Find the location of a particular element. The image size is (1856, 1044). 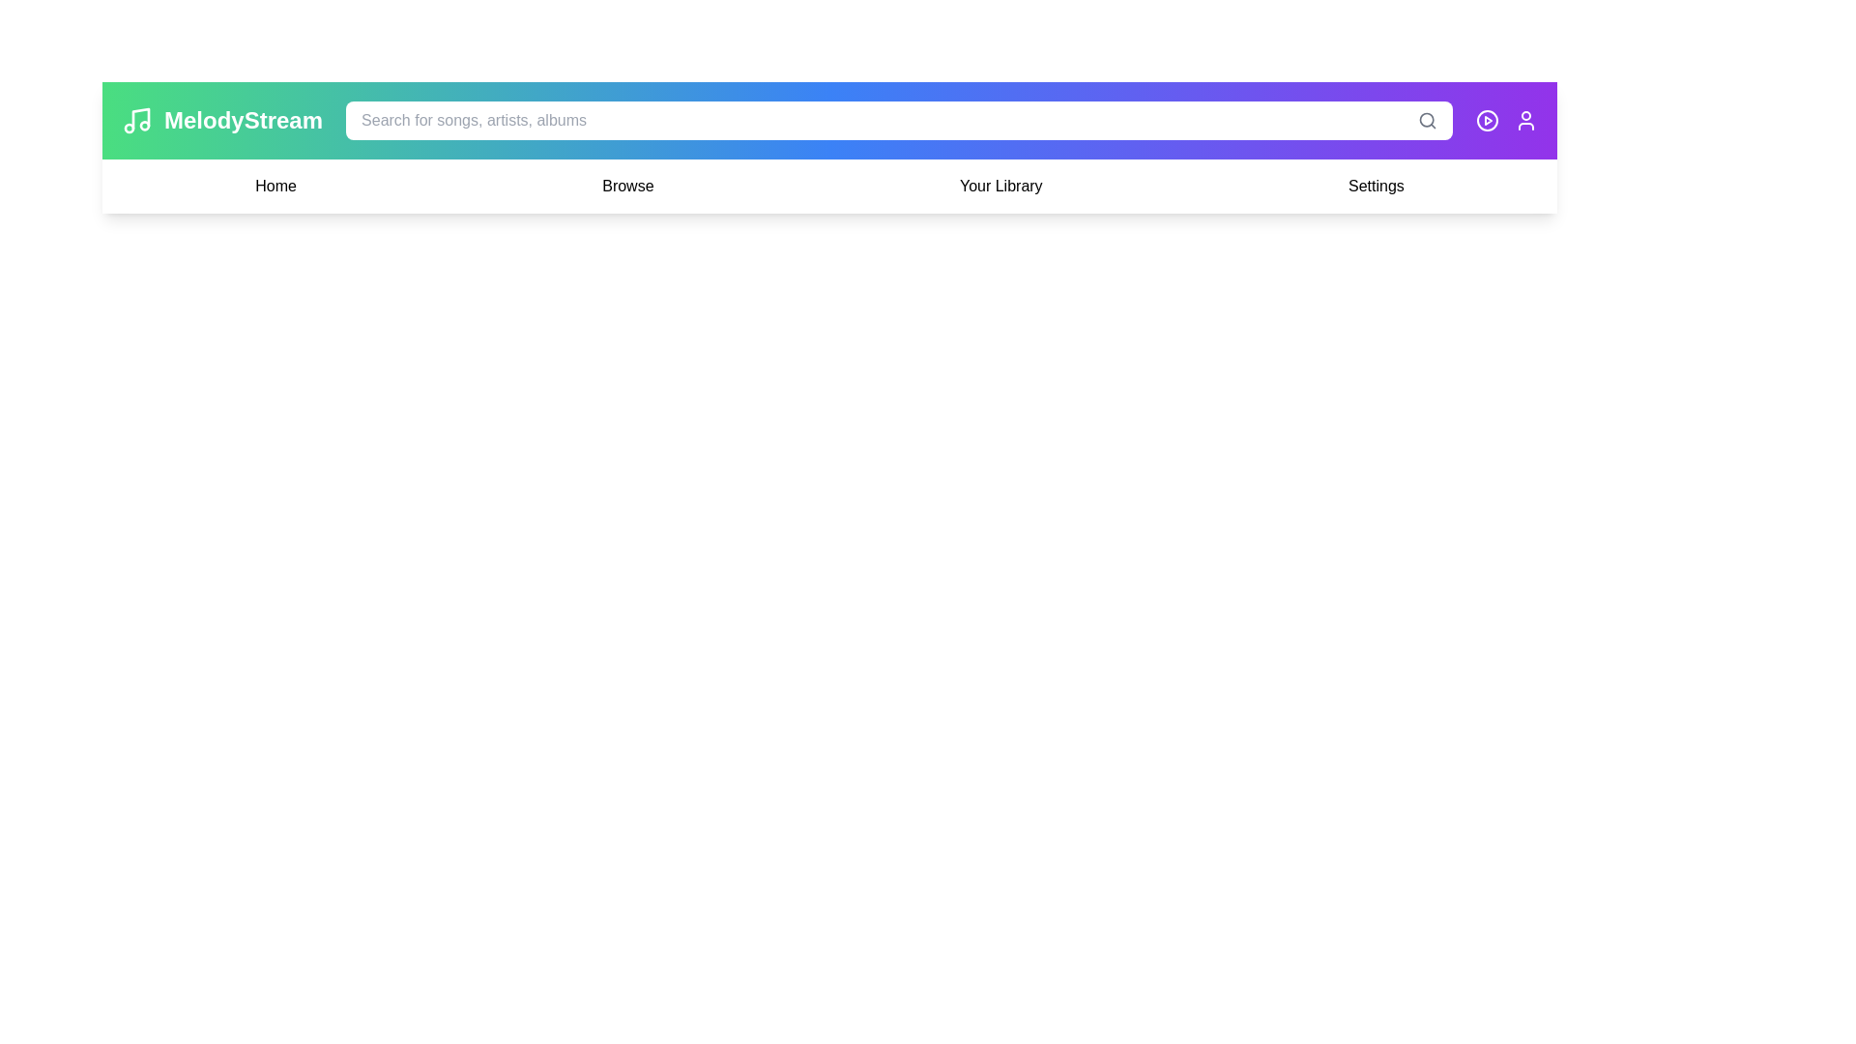

the Your Library text label to navigate or trigger the associated action is located at coordinates (1000, 186).